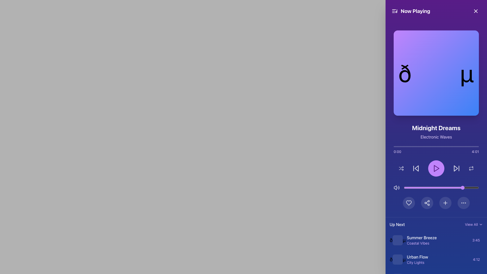  What do you see at coordinates (397, 151) in the screenshot?
I see `the Text label element displaying '0:00', which is styled in a small, light-colored font against a purple background, located near the bottom-left corner of the progress bar for media playback` at bounding box center [397, 151].